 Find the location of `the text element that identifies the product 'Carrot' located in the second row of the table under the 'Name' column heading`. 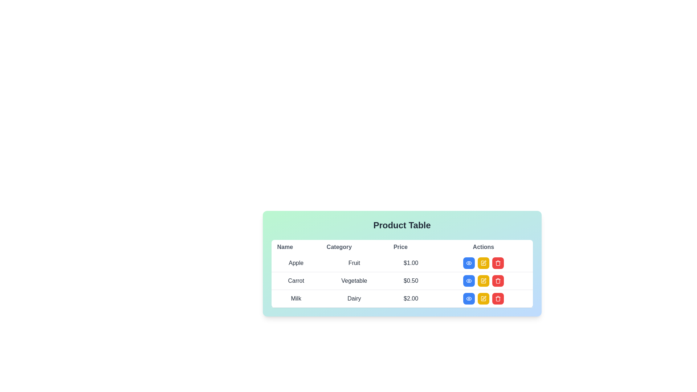

the text element that identifies the product 'Carrot' located in the second row of the table under the 'Name' column heading is located at coordinates (296, 281).